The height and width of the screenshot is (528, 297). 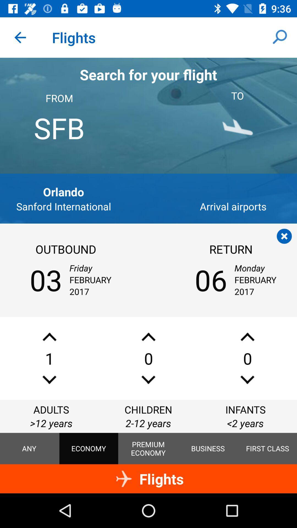 I want to click on scroll up, so click(x=148, y=337).